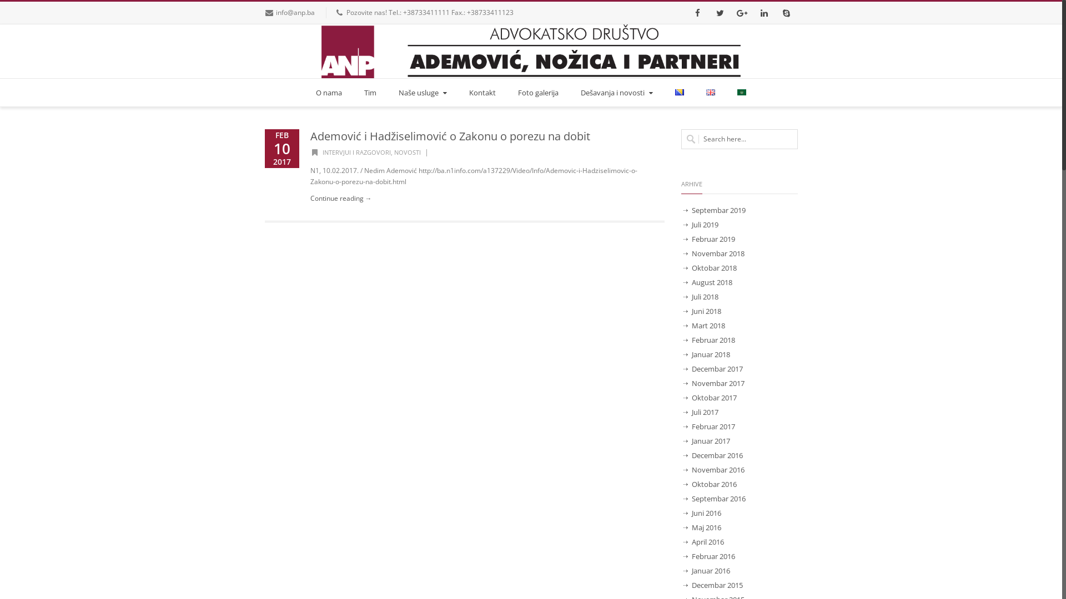 Image resolution: width=1066 pixels, height=599 pixels. I want to click on 'Februar 2019', so click(708, 238).